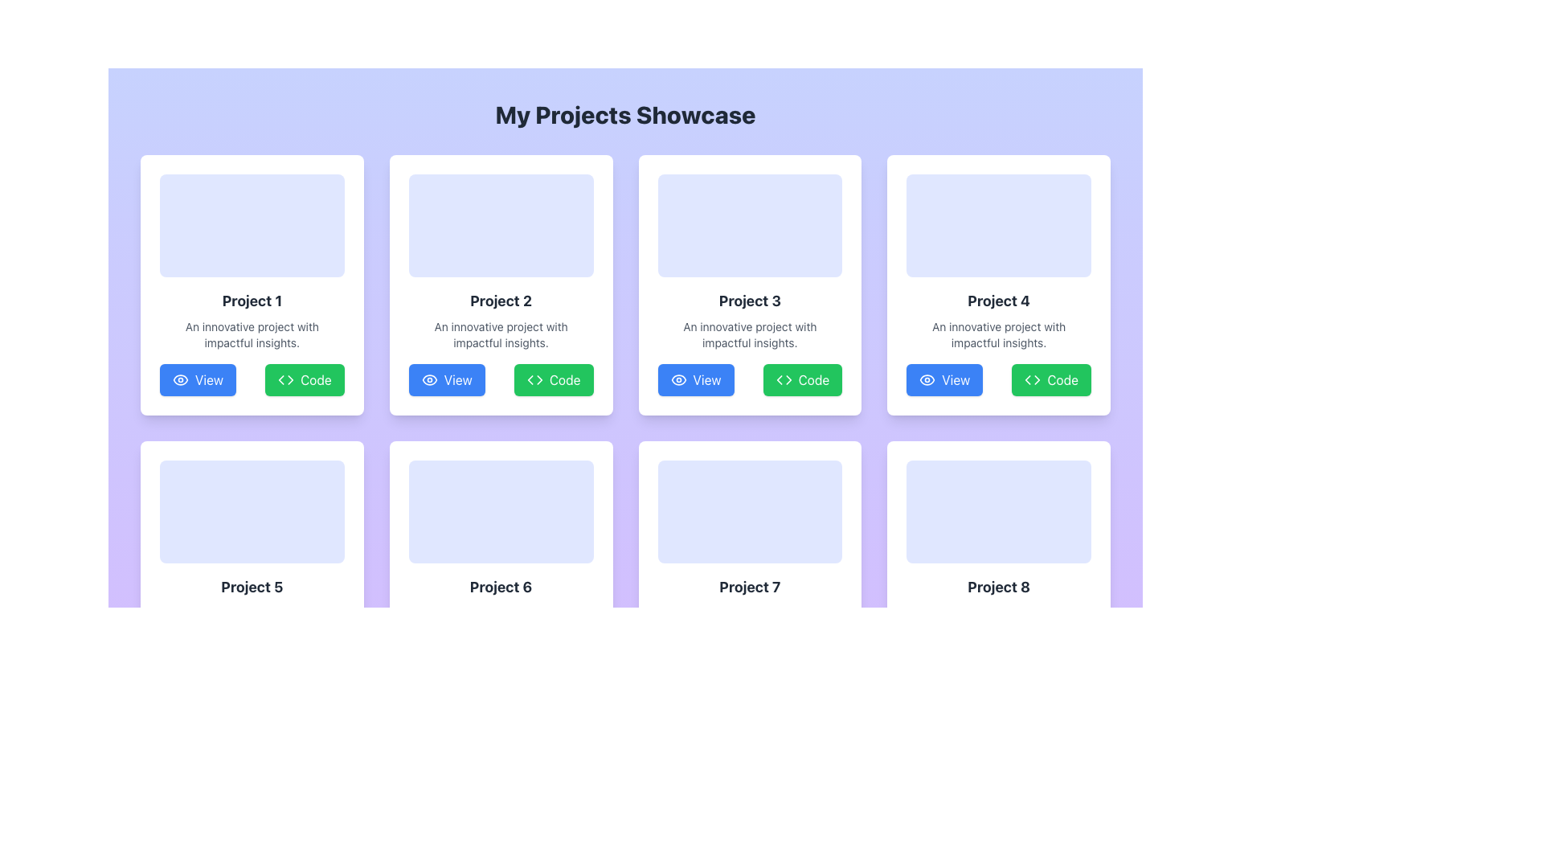 This screenshot has height=868, width=1543. What do you see at coordinates (788, 380) in the screenshot?
I see `the rightward-pointing arrowhead inside the code symbol icon for 'Project 3', which is part of the action buttons row below the project description` at bounding box center [788, 380].